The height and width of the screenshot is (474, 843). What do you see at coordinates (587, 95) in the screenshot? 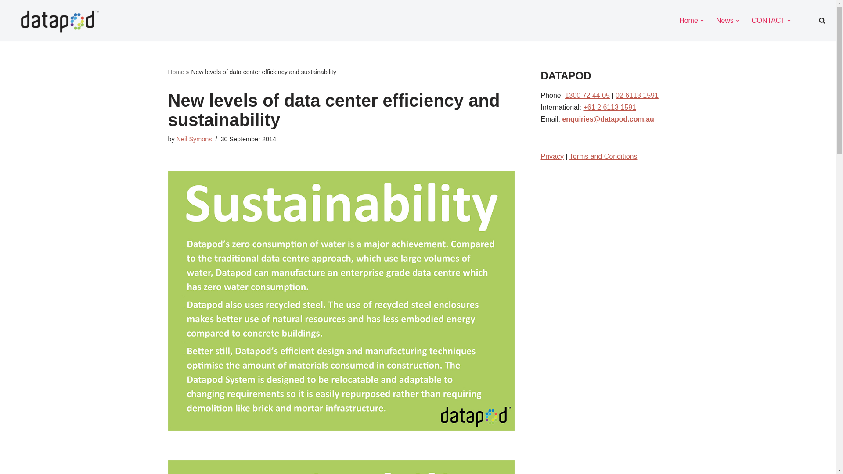
I see `'1300 72 44 05'` at bounding box center [587, 95].